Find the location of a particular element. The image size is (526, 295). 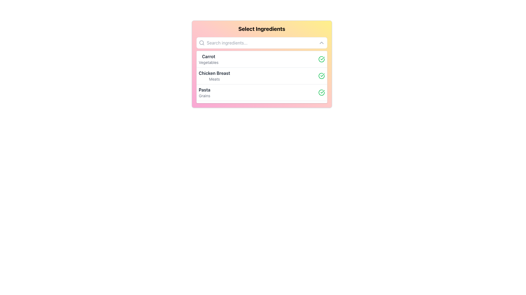

the green circular check mark icon located to the far right of the 'Chicken Breast' list item in the 'Select Ingredients' interface to confirm the selection is located at coordinates (321, 76).